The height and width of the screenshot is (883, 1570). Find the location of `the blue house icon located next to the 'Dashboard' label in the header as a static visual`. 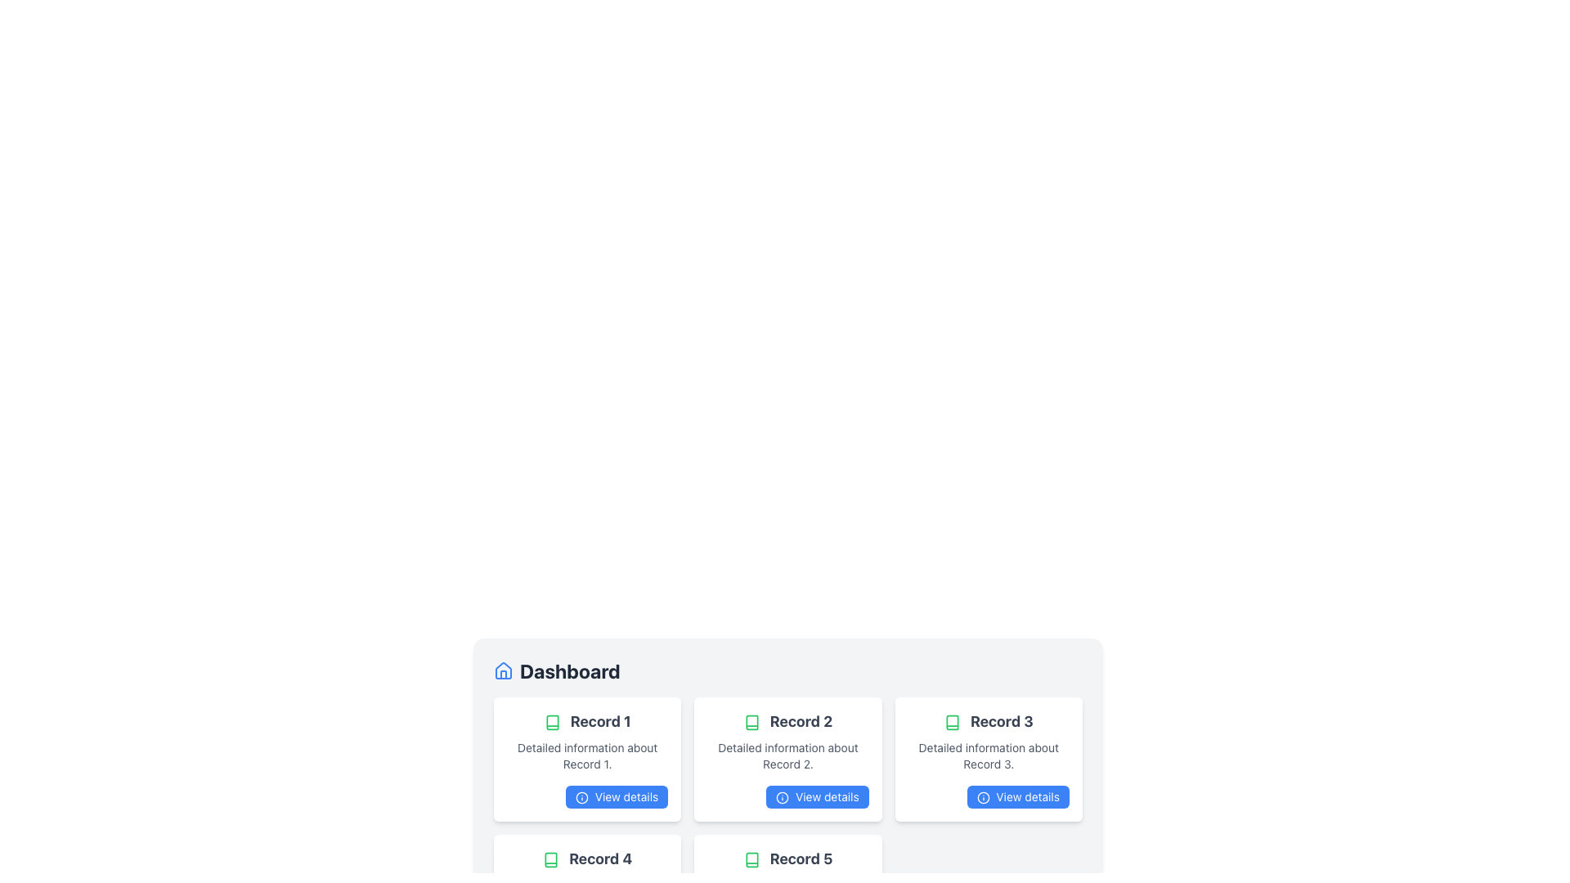

the blue house icon located next to the 'Dashboard' label in the header as a static visual is located at coordinates (502, 671).